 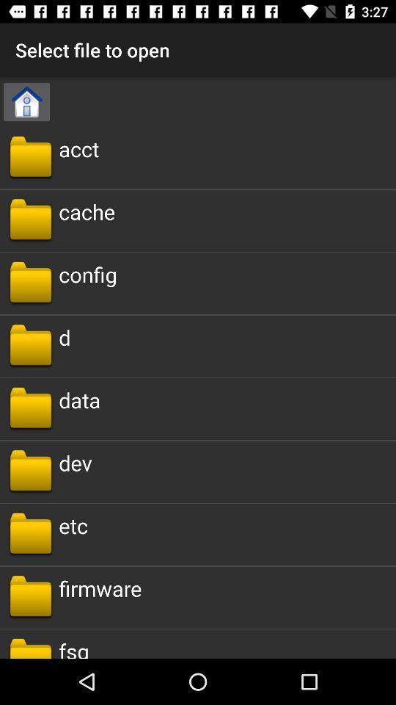 I want to click on button beside dev, so click(x=31, y=471).